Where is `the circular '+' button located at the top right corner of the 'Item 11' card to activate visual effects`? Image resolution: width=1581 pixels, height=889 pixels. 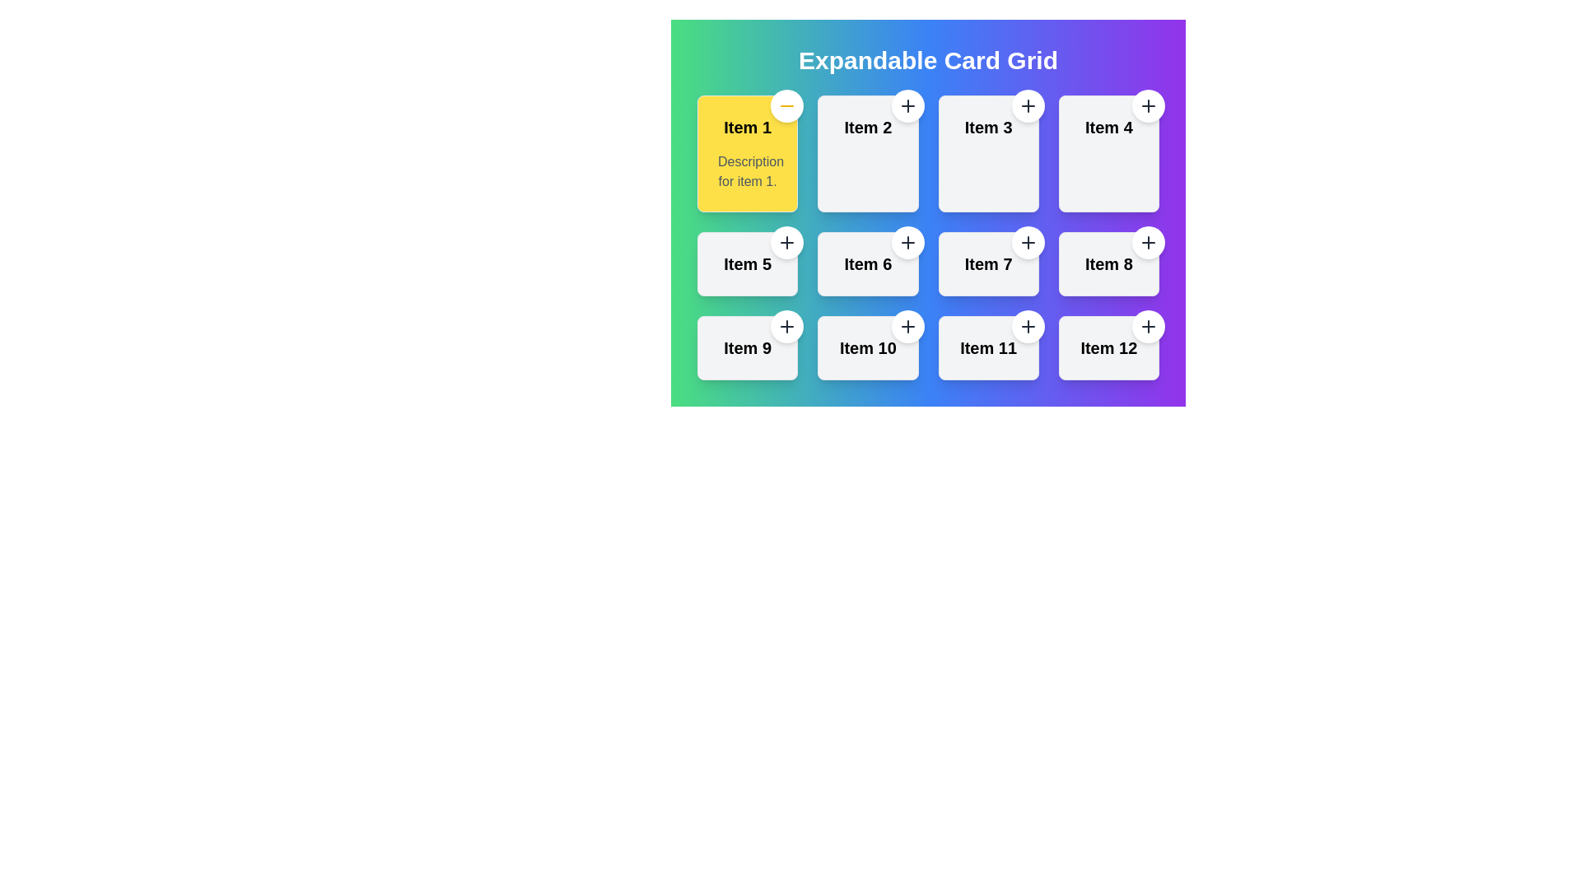 the circular '+' button located at the top right corner of the 'Item 11' card to activate visual effects is located at coordinates (1027, 327).